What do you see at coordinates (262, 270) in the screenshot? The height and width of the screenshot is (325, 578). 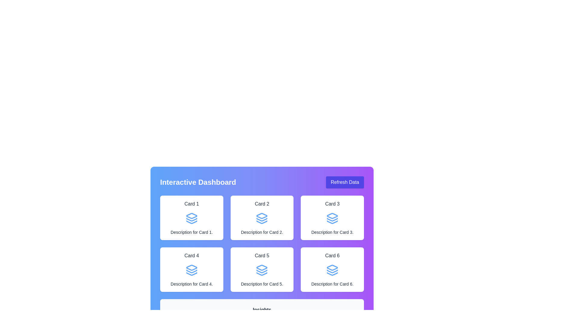 I see `the SVG icon representing the visual layer hierarchy located in the center of 'Card 5' in the second row and second column of the grid` at bounding box center [262, 270].